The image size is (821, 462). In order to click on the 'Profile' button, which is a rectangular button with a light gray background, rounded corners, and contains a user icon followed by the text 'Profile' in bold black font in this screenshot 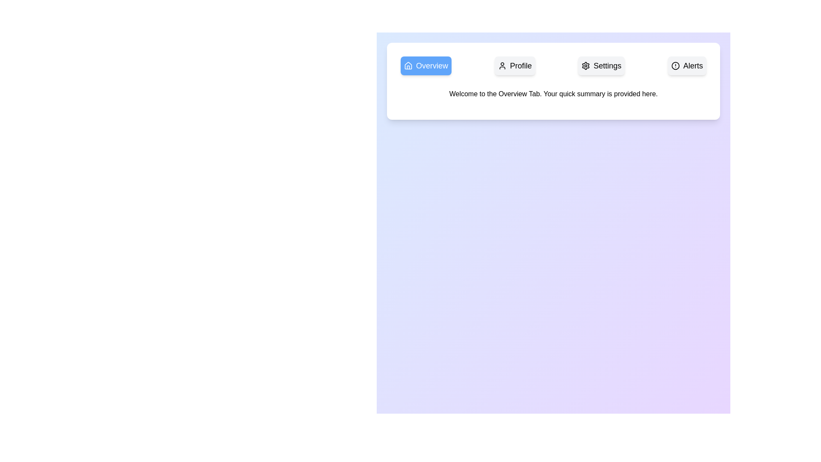, I will do `click(514, 65)`.